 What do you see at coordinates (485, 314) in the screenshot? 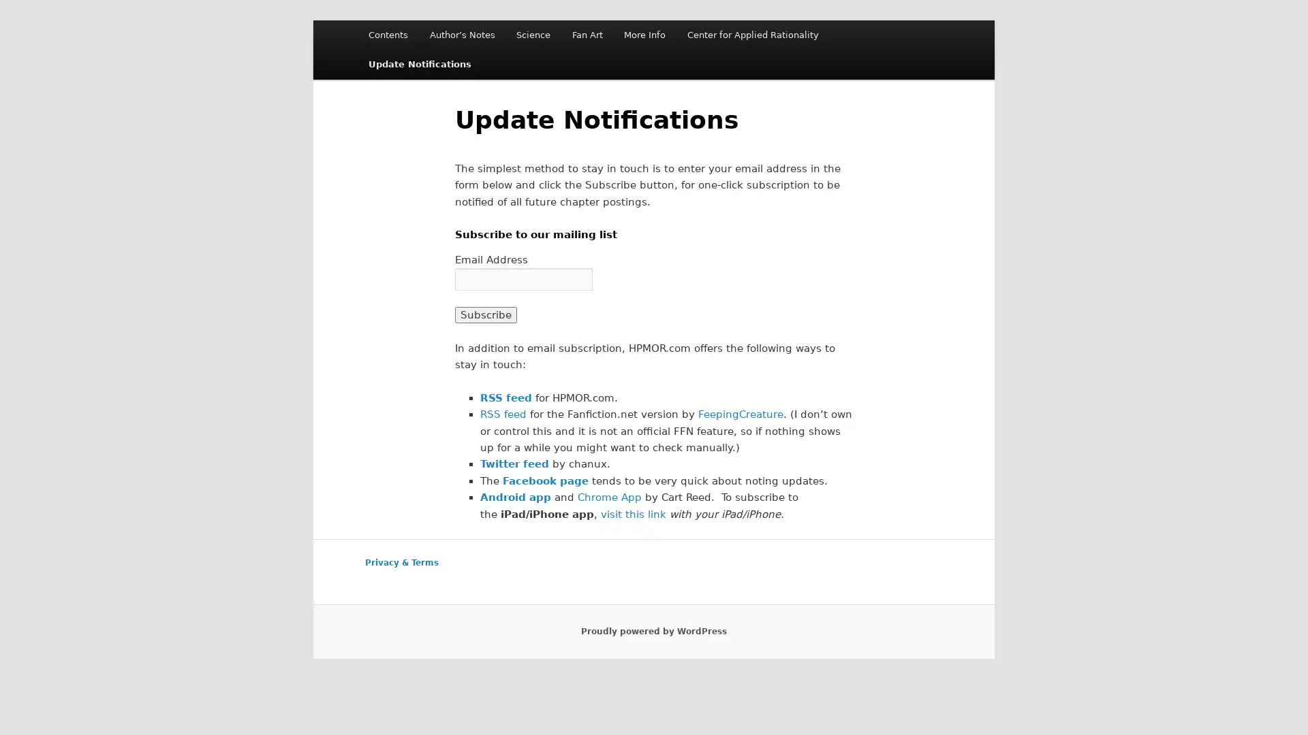
I see `Subscribe` at bounding box center [485, 314].